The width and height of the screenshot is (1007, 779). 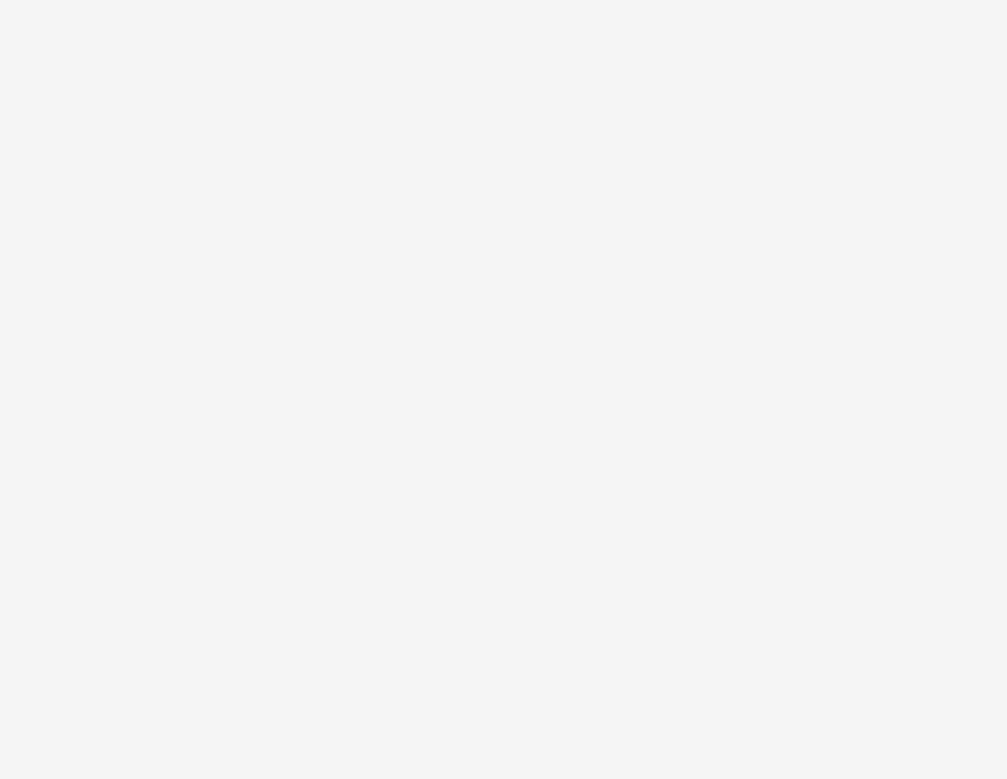 What do you see at coordinates (171, 503) in the screenshot?
I see `'(519) 888-7465 x77273'` at bounding box center [171, 503].